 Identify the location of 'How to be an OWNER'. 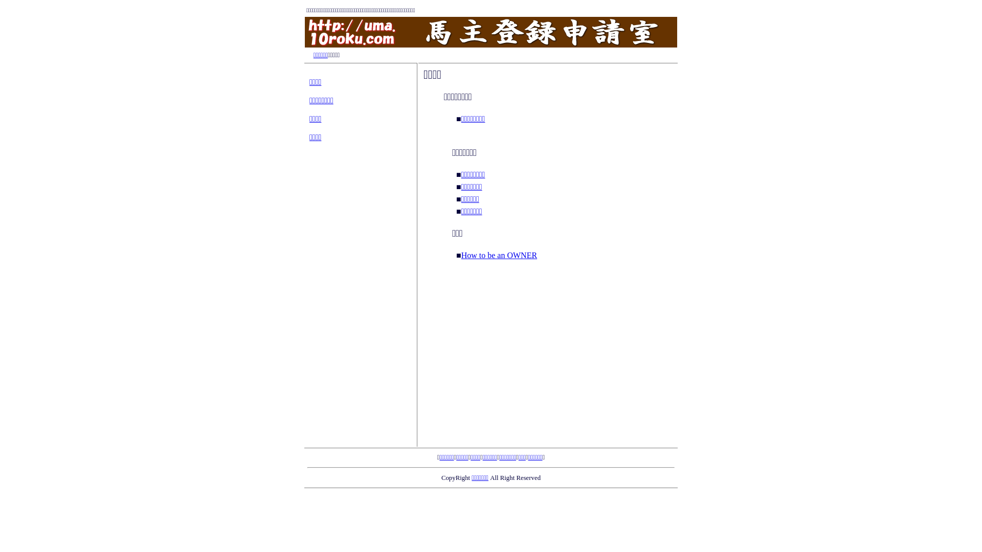
(499, 254).